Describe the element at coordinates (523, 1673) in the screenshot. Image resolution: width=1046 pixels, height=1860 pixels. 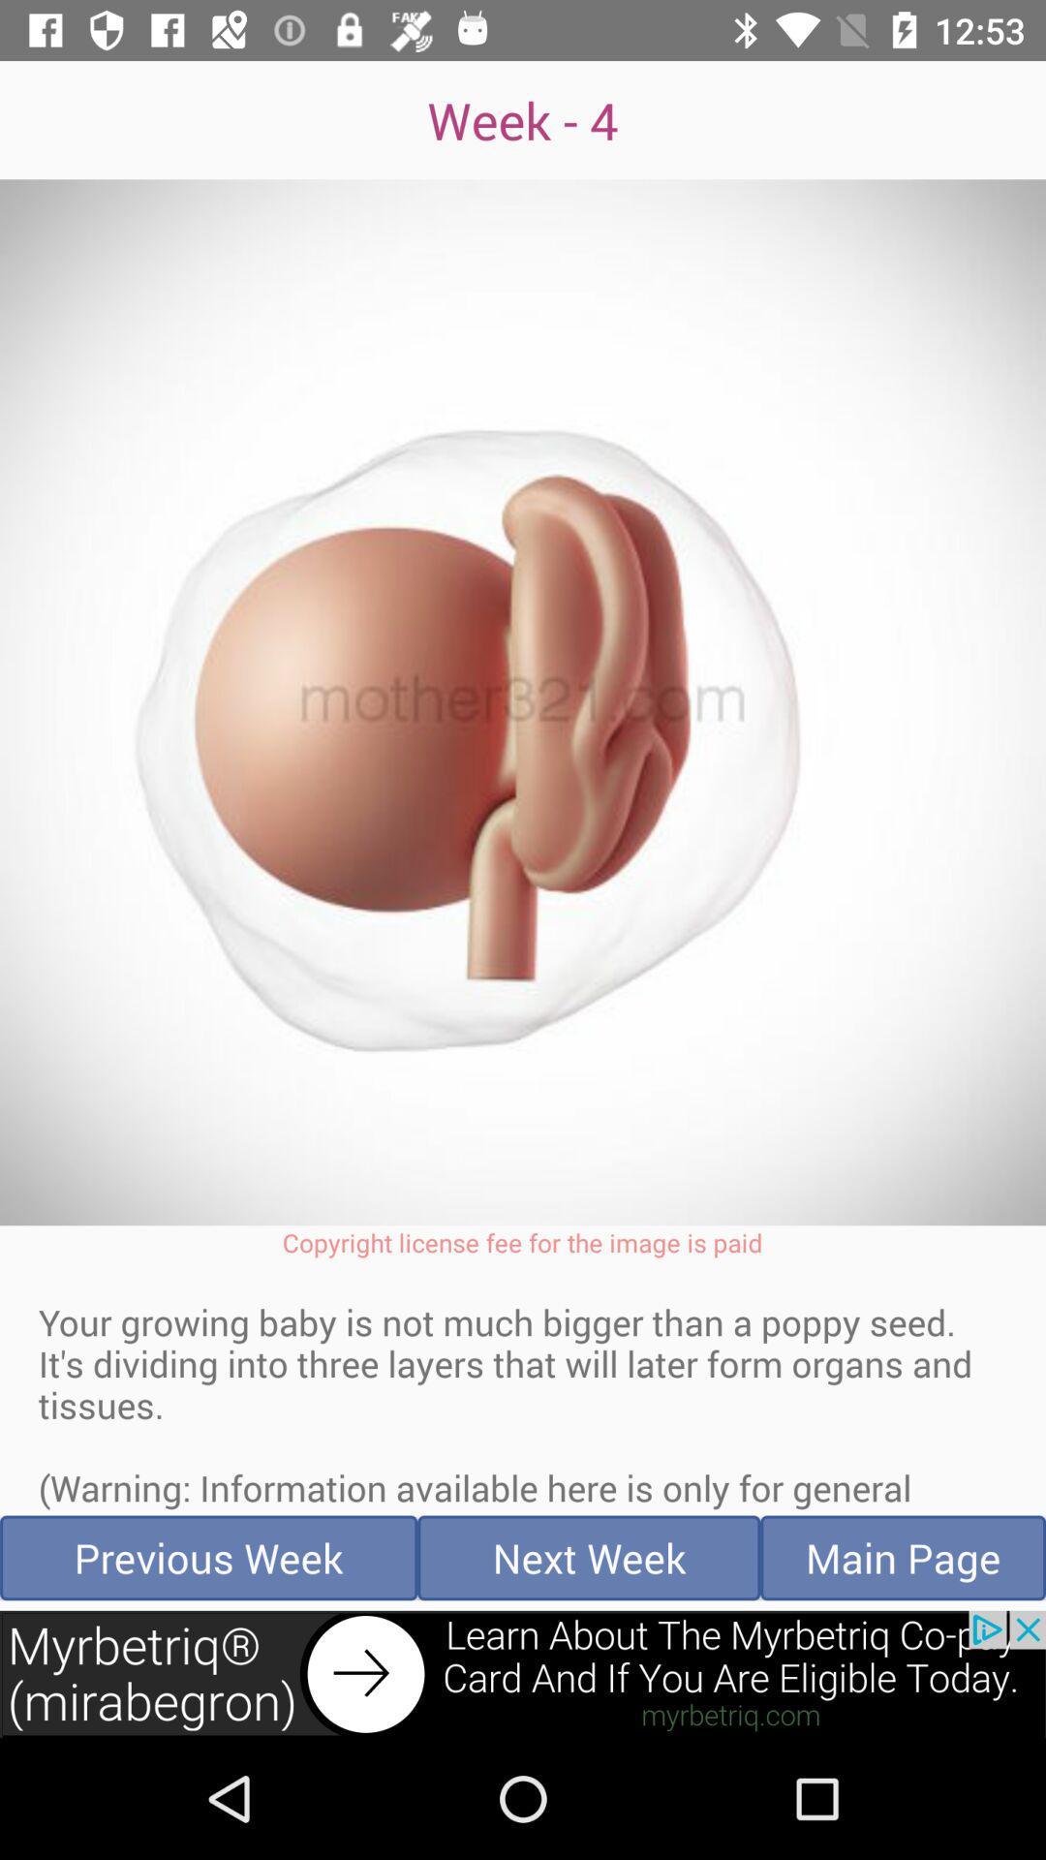
I see `open advertisement` at that location.